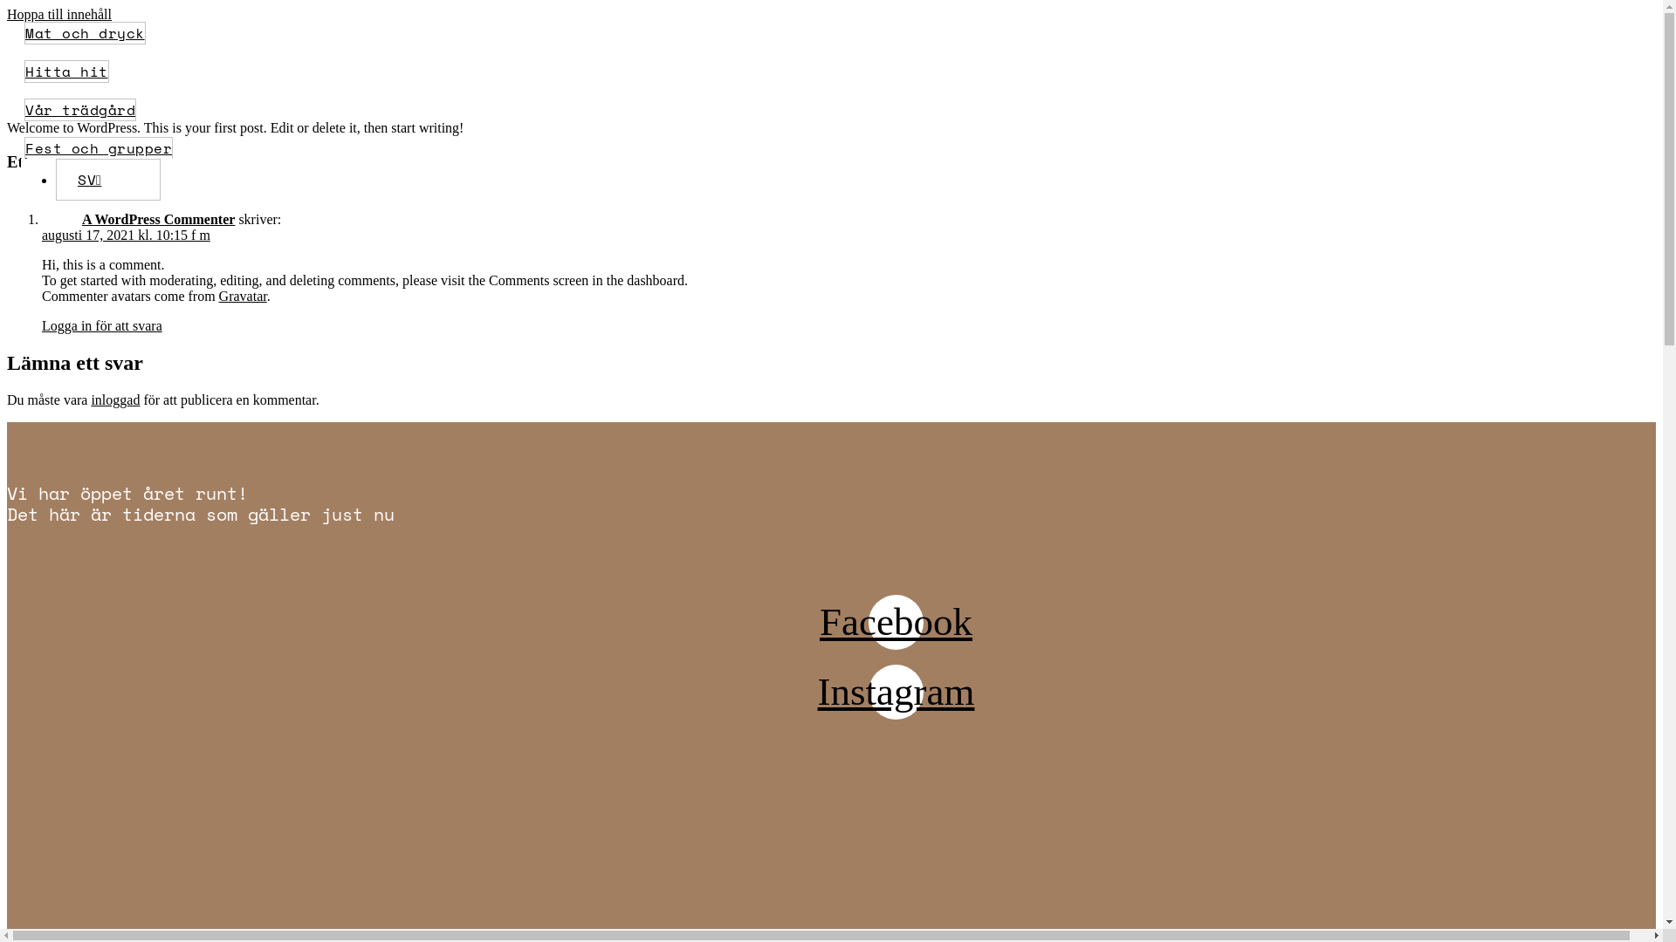  I want to click on 'Mat och dryck', so click(84, 33).